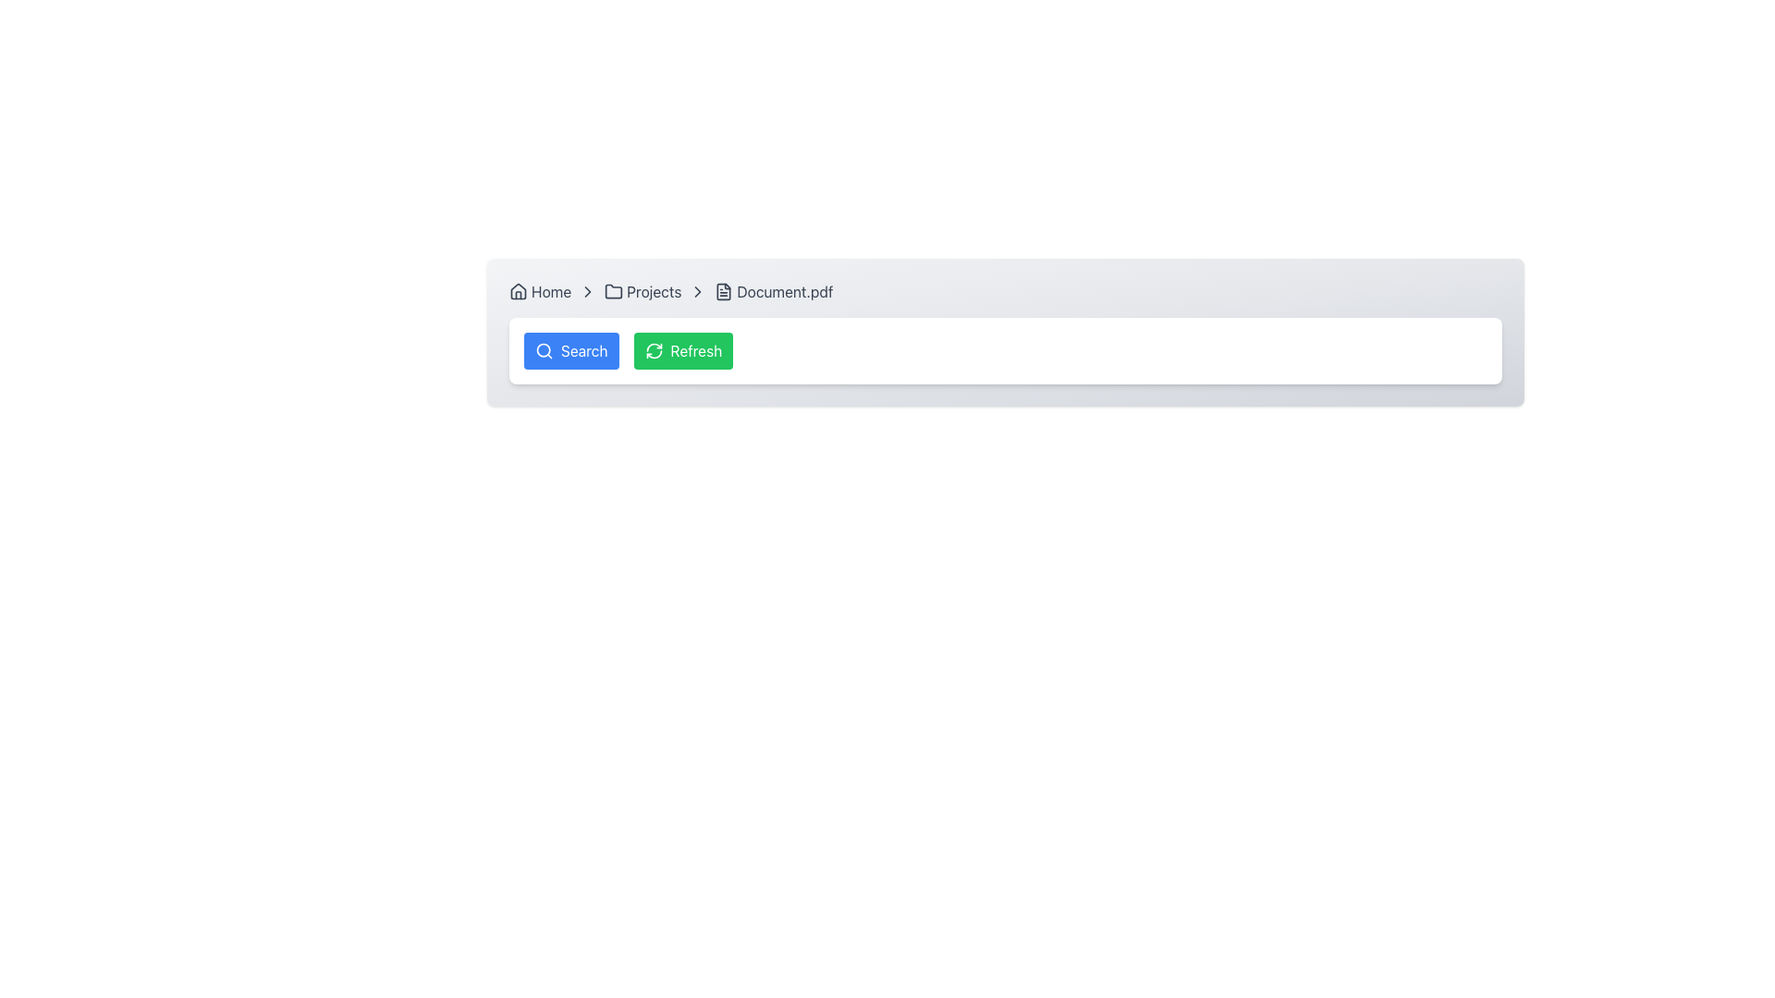 This screenshot has height=998, width=1775. Describe the element at coordinates (539, 291) in the screenshot. I see `the 'Home' breadcrumb navigation link, which is the leftmost link in the breadcrumb trail and features a house icon, to potentially reveal additional styling effects` at that location.